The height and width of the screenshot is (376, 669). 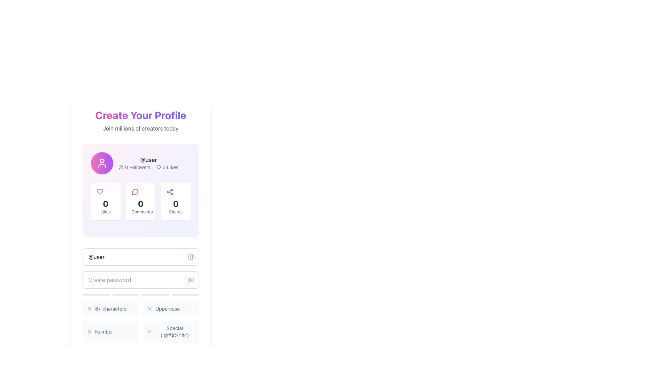 I want to click on the Circular icon button representing the user's profile or avatar, positioned to the left of the '@user' text, so click(x=101, y=163).